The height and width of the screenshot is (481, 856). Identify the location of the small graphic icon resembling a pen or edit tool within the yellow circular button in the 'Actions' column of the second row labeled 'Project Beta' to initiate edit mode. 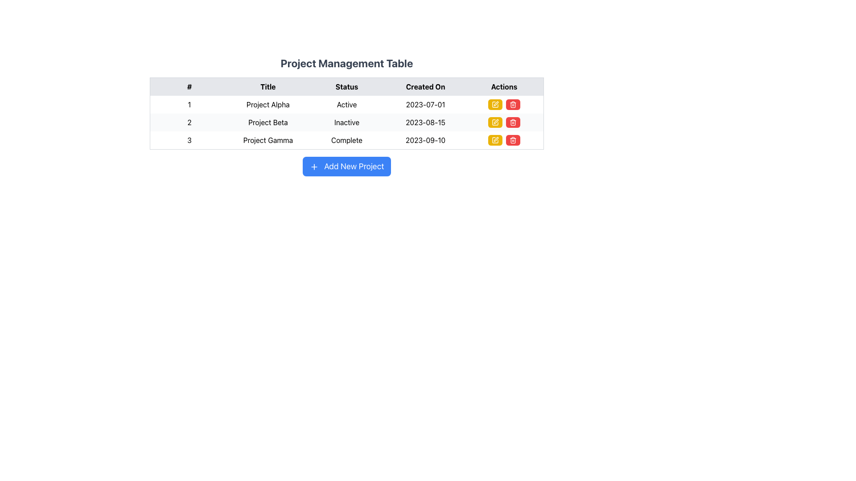
(496, 122).